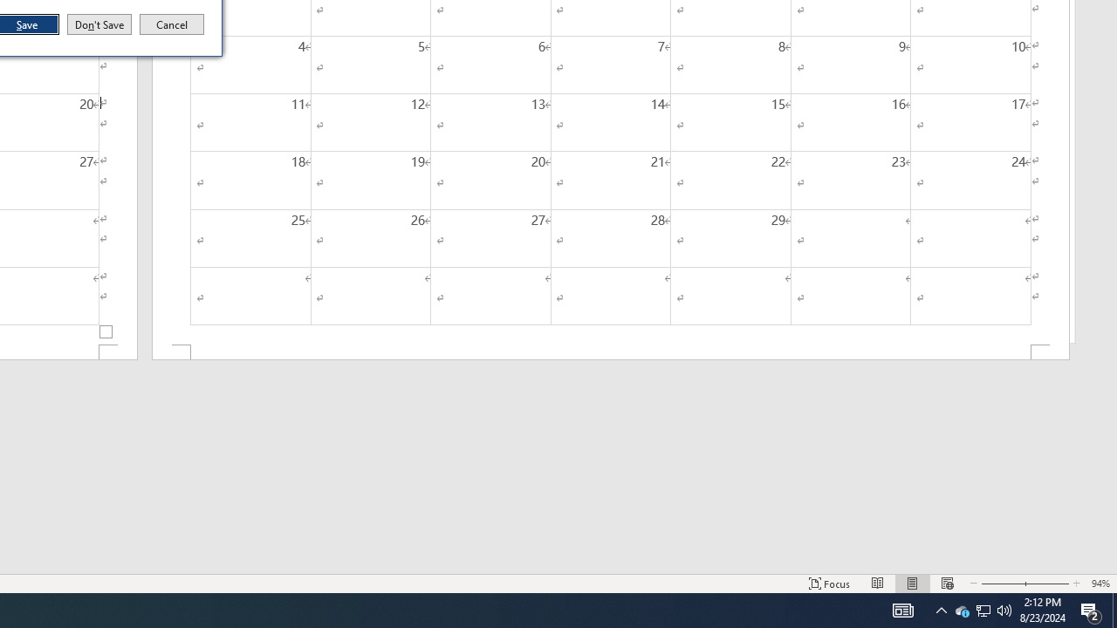 This screenshot has height=628, width=1117. Describe the element at coordinates (611, 352) in the screenshot. I see `'Footer -Section 2-'` at that location.